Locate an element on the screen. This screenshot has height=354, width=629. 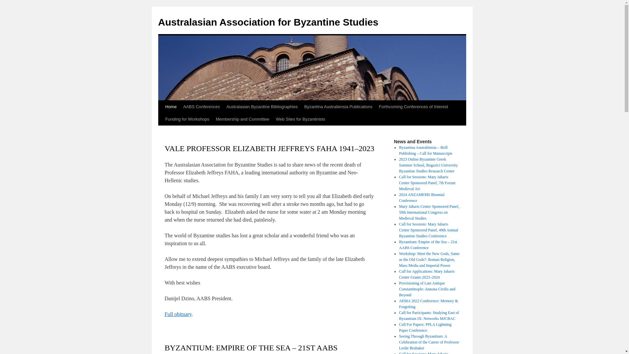
'Funding for Workshops' is located at coordinates (162, 119).